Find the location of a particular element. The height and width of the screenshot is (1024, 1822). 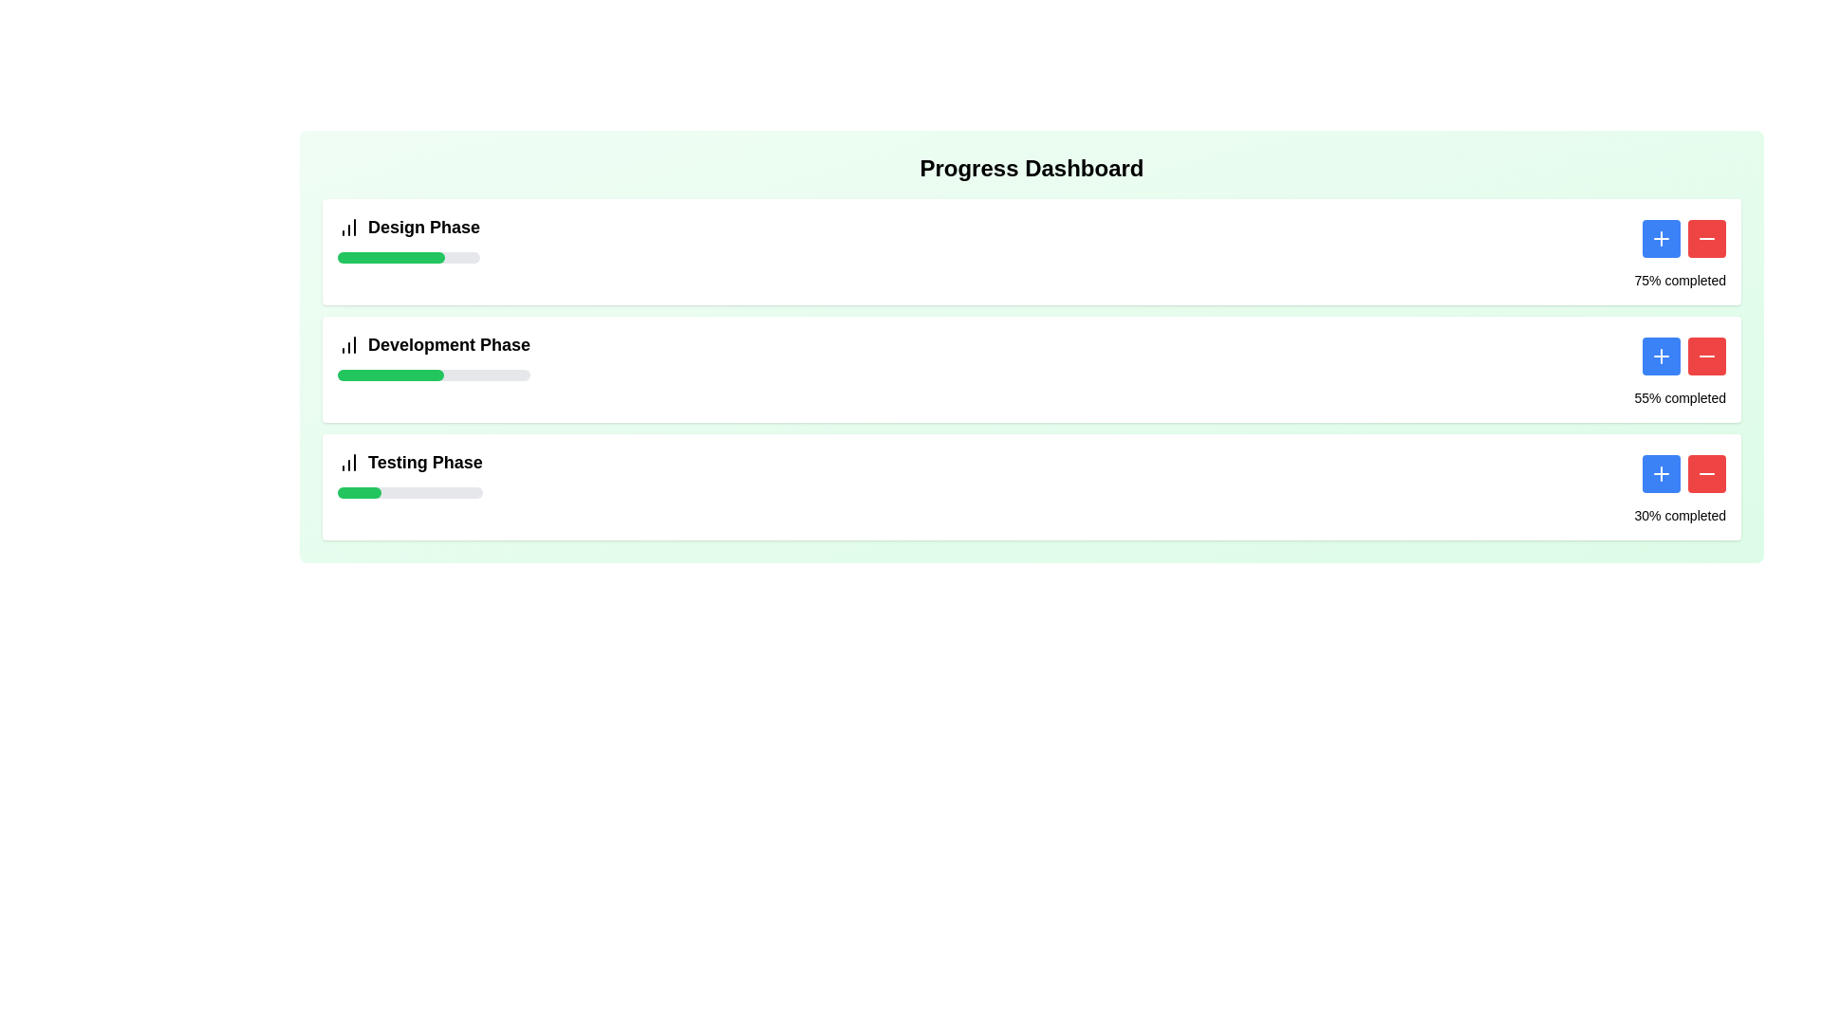

the increment button located in the 'Development Phase' section of the progress dashboard, positioned to the right of the red circular button with a minus sign and above the '55% completed' text is located at coordinates (1661, 356).